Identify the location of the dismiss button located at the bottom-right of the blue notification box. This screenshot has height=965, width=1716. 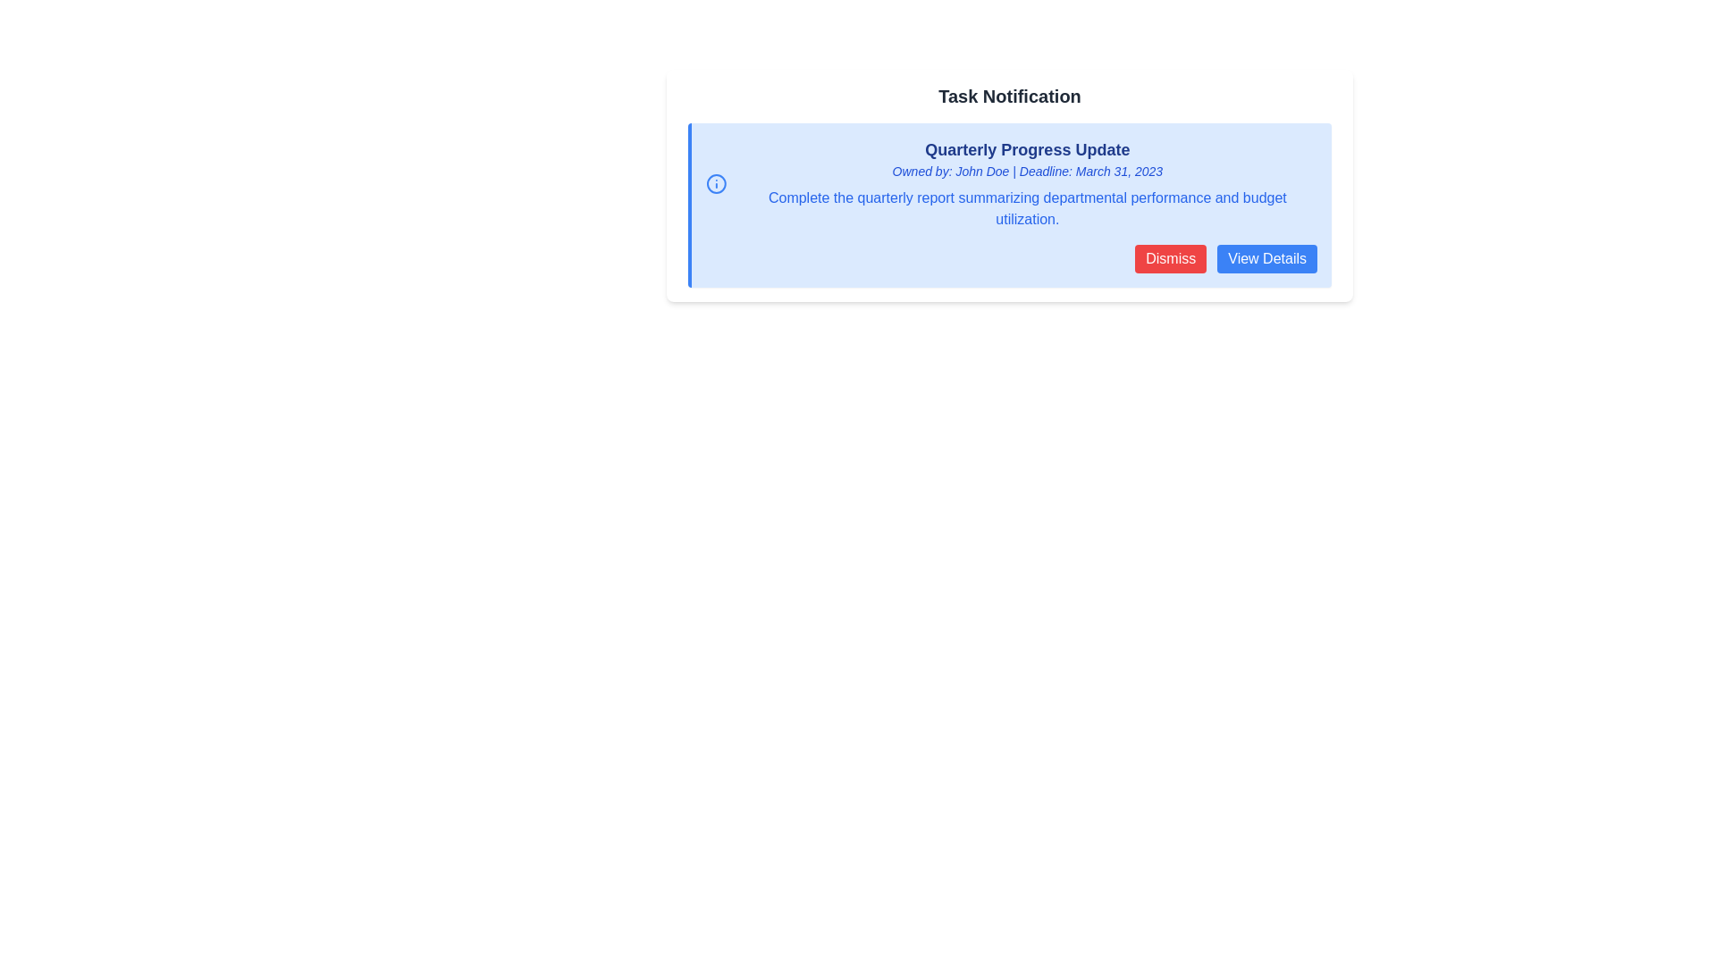
(1171, 258).